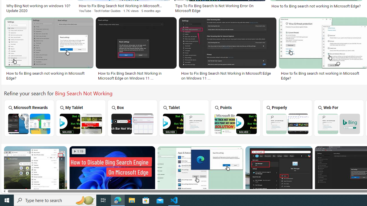 This screenshot has height=206, width=367. What do you see at coordinates (339, 118) in the screenshot?
I see `'Web For'` at bounding box center [339, 118].